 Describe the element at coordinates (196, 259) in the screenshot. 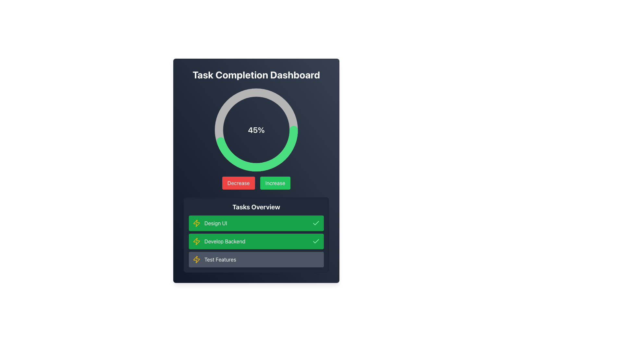

I see `the Vector graphics icon indicating the power or energy status for the task labeled 'Test Features', which is the third item in the 'Tasks Overview' section` at that location.